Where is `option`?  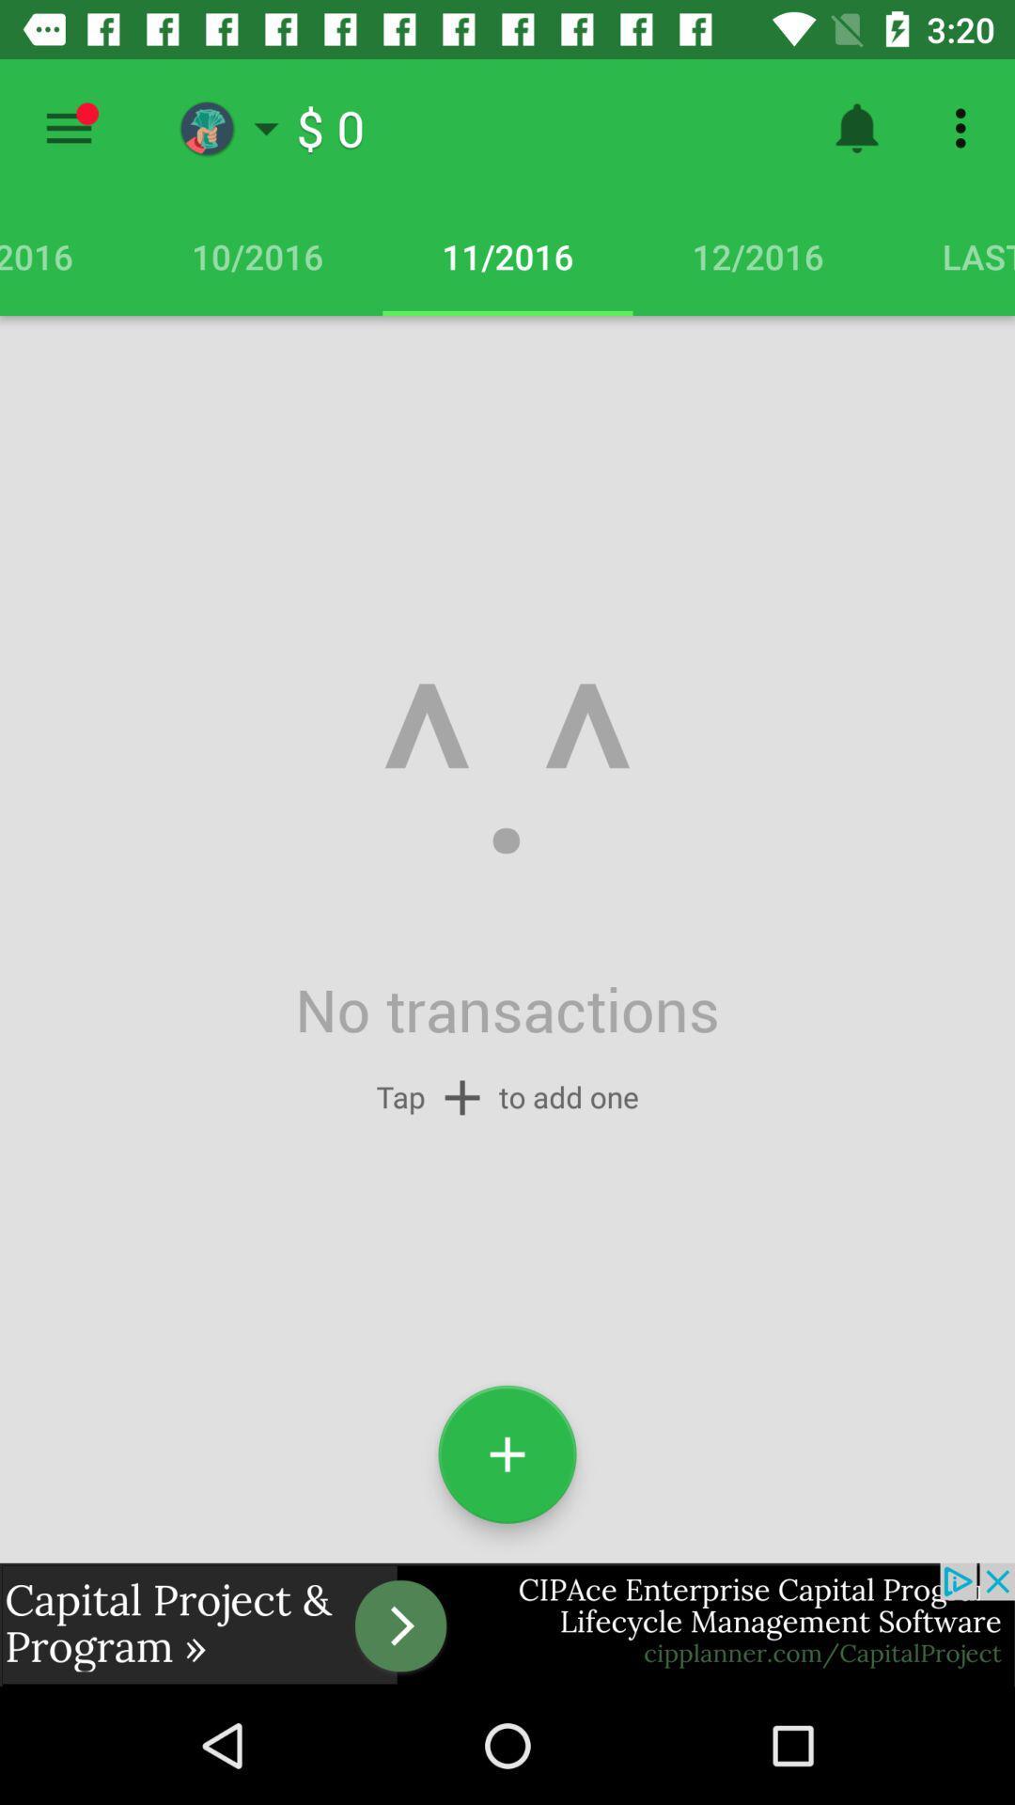 option is located at coordinates (68, 127).